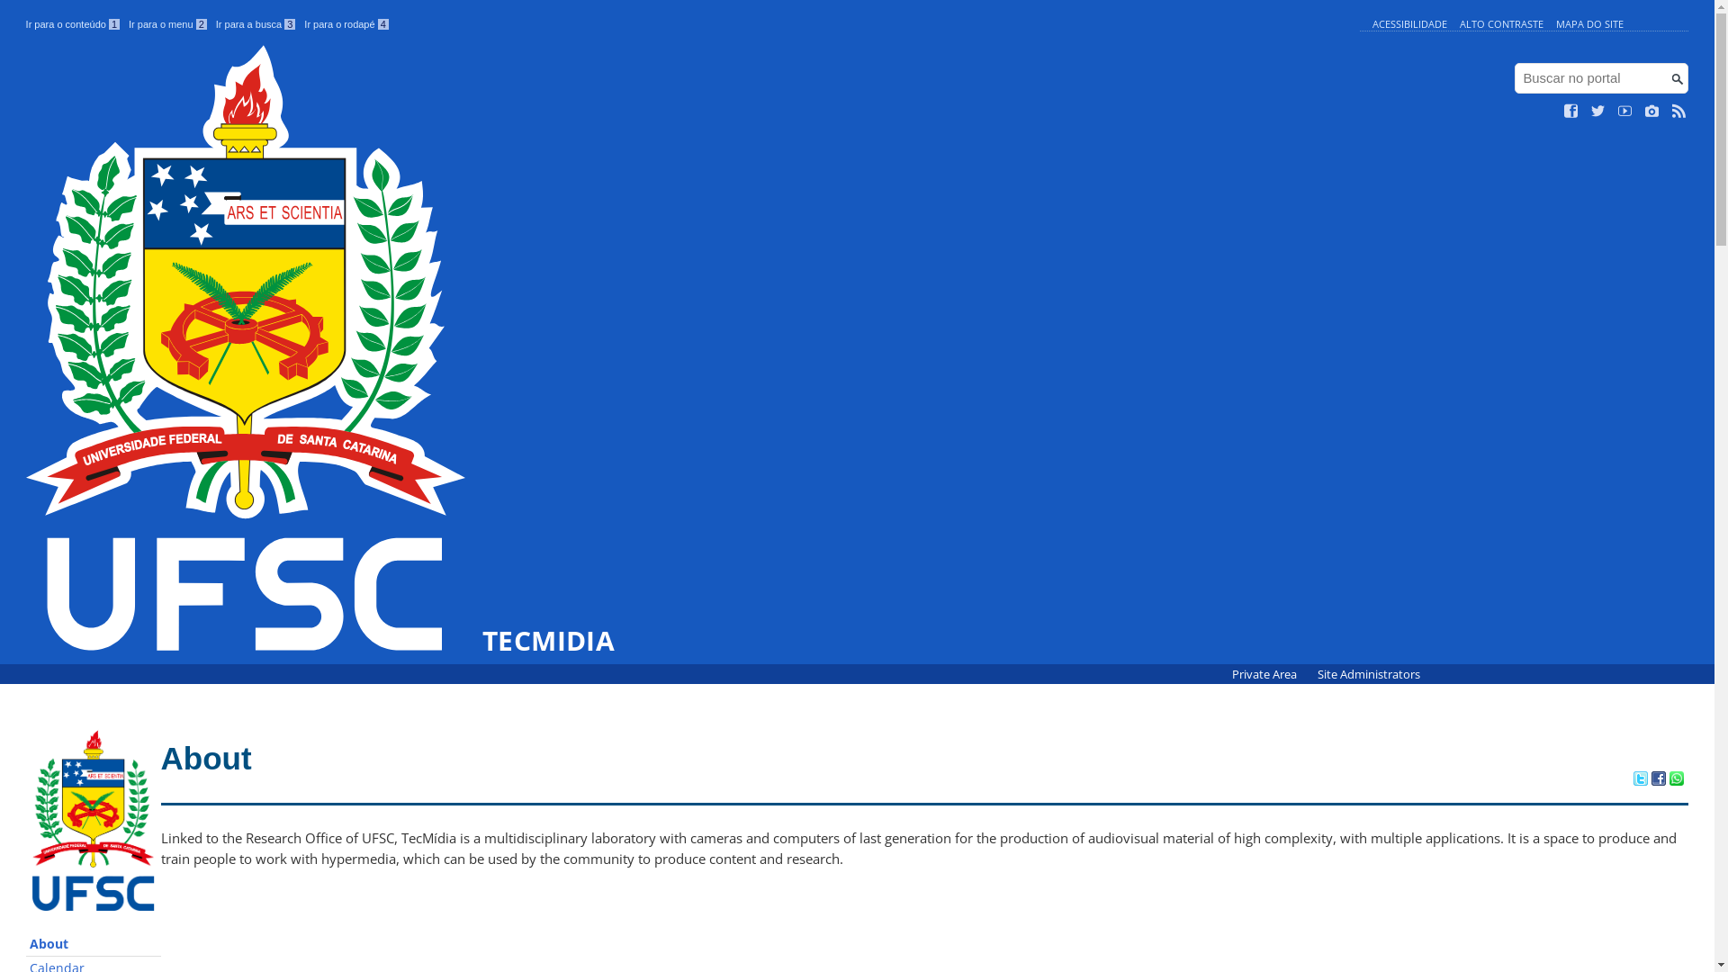 The height and width of the screenshot is (972, 1728). I want to click on 'ALTO CONTRASTE', so click(1501, 23).